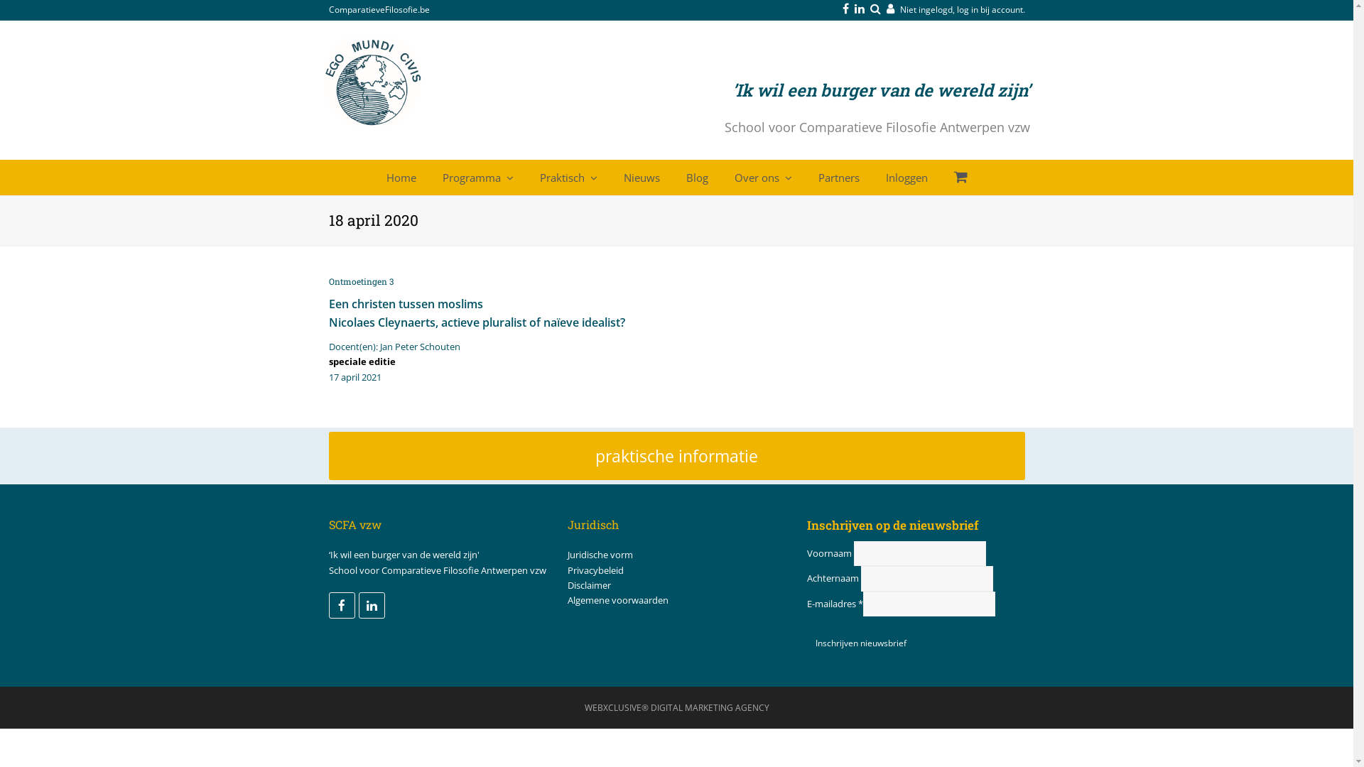 The image size is (1364, 767). What do you see at coordinates (860, 643) in the screenshot?
I see `'Inschrijven nieuwsbrief'` at bounding box center [860, 643].